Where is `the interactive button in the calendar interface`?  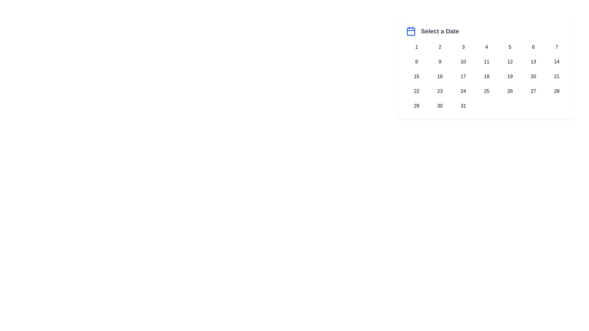
the interactive button in the calendar interface is located at coordinates (440, 76).